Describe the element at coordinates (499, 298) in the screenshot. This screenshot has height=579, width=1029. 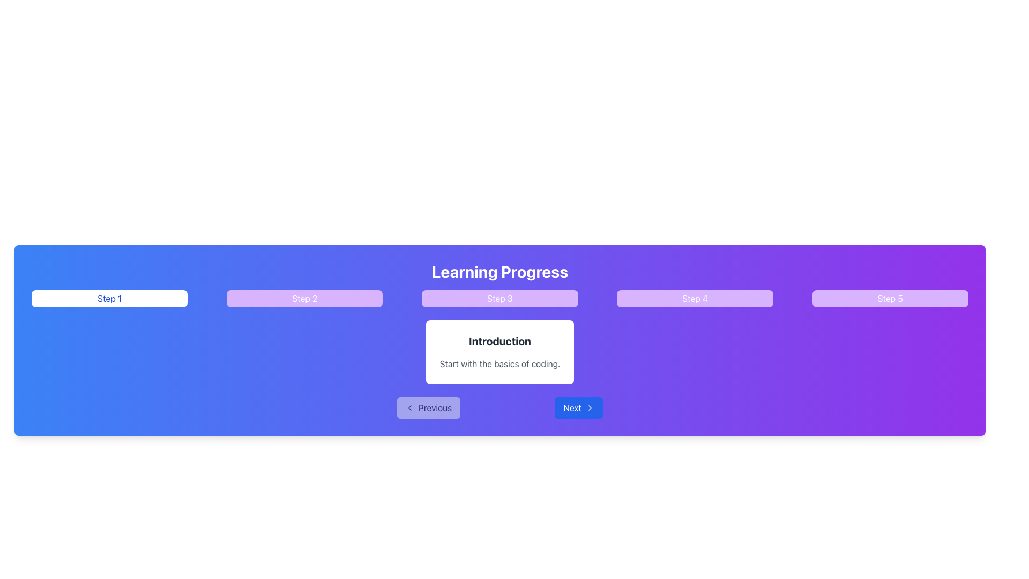
I see `the individual step labels of the Progress Indicator located beneath the 'Learning Progress' heading at the top of the interface` at that location.